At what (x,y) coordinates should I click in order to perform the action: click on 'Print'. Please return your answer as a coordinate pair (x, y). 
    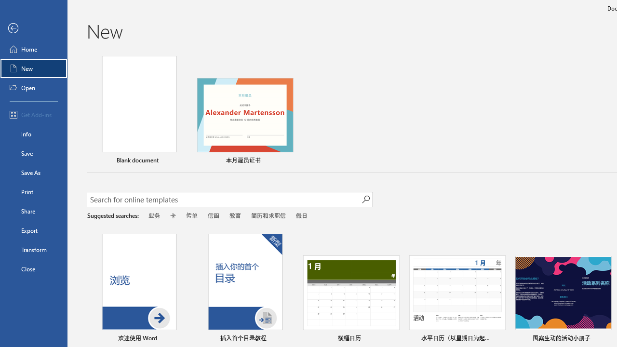
    Looking at the image, I should click on (33, 192).